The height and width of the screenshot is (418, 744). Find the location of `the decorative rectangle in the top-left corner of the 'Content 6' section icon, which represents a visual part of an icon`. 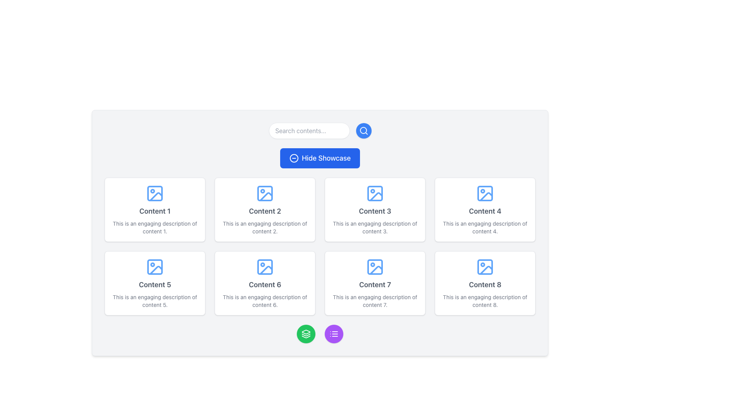

the decorative rectangle in the top-left corner of the 'Content 6' section icon, which represents a visual part of an icon is located at coordinates (265, 267).